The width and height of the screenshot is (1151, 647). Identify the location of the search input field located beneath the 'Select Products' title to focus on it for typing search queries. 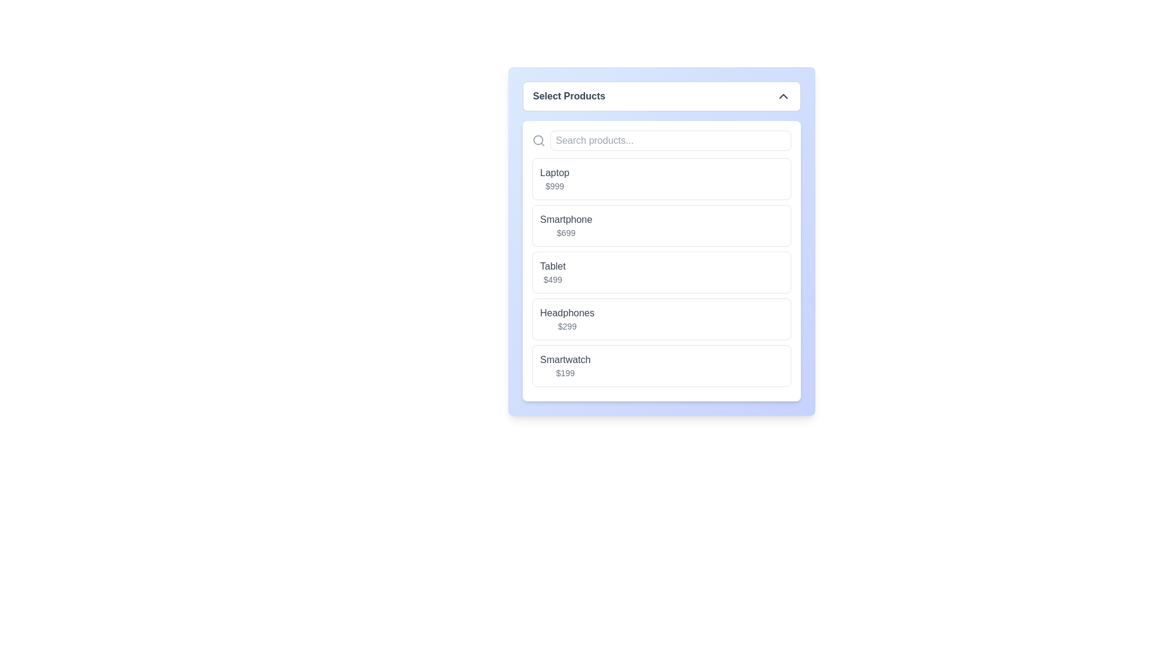
(670, 140).